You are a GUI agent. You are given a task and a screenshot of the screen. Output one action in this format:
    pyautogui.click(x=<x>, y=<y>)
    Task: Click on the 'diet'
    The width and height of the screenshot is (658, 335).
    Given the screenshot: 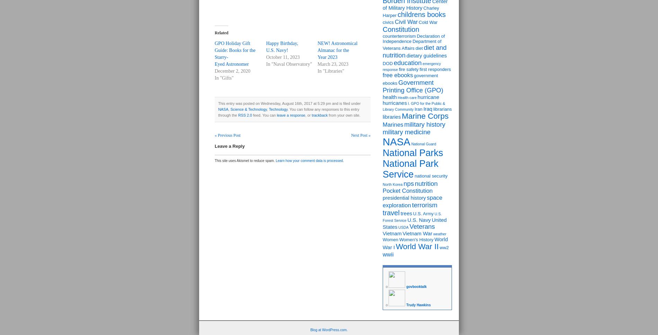 What is the action you would take?
    pyautogui.click(x=418, y=48)
    